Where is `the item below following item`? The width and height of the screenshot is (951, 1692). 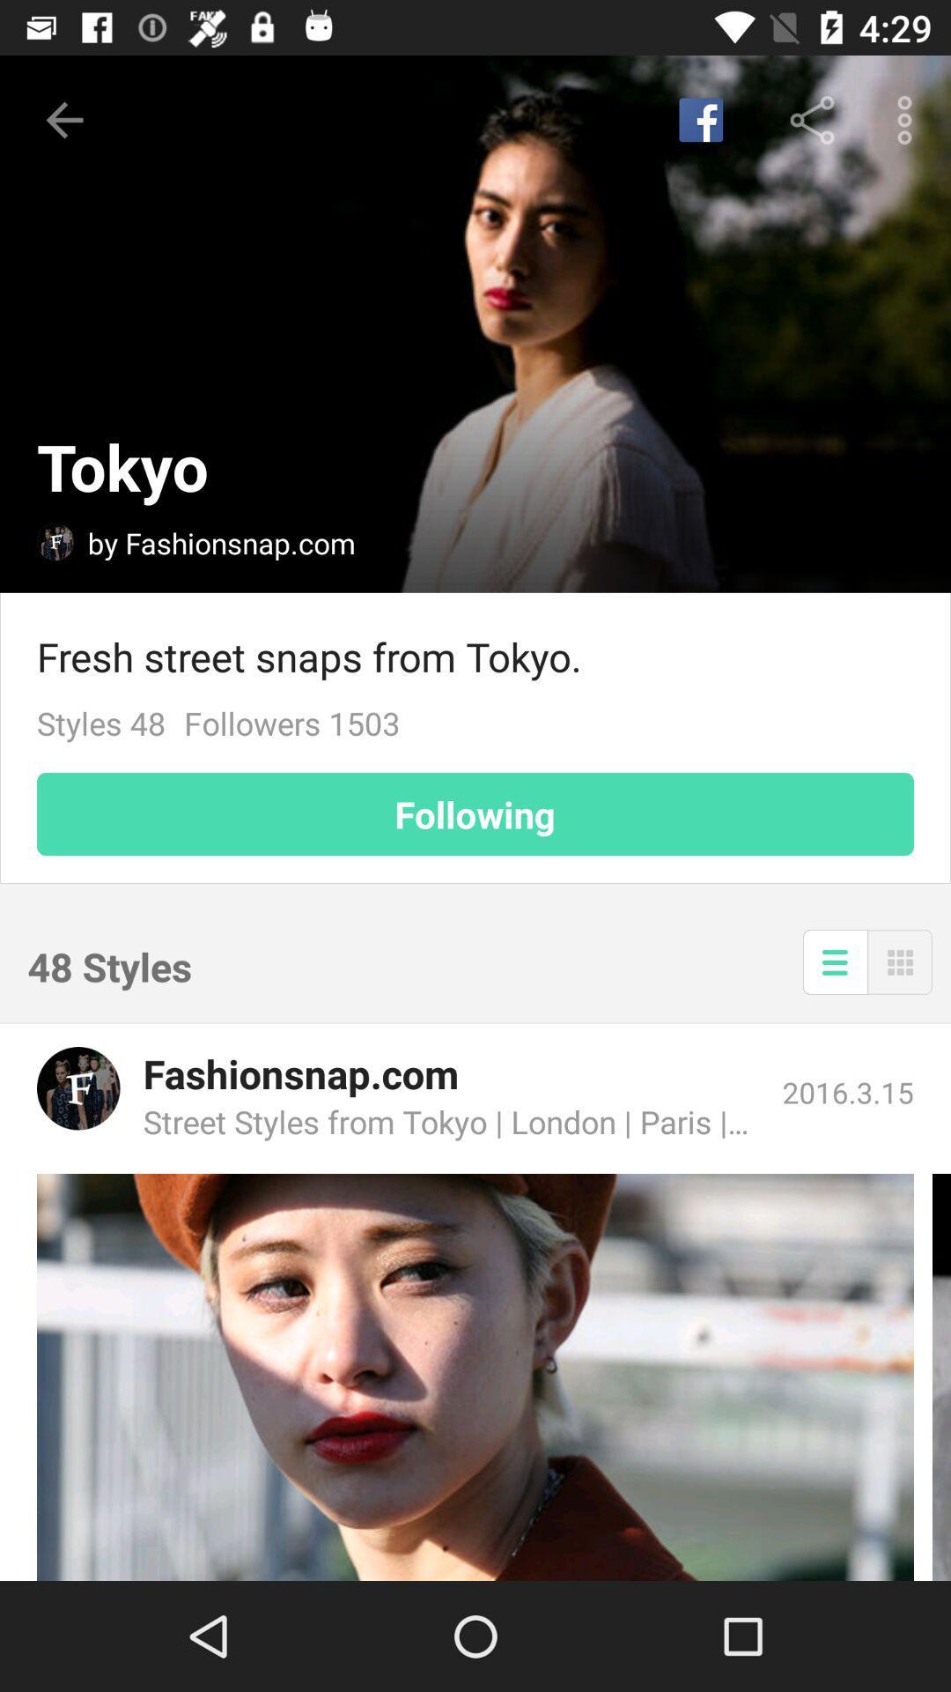
the item below following item is located at coordinates (900, 961).